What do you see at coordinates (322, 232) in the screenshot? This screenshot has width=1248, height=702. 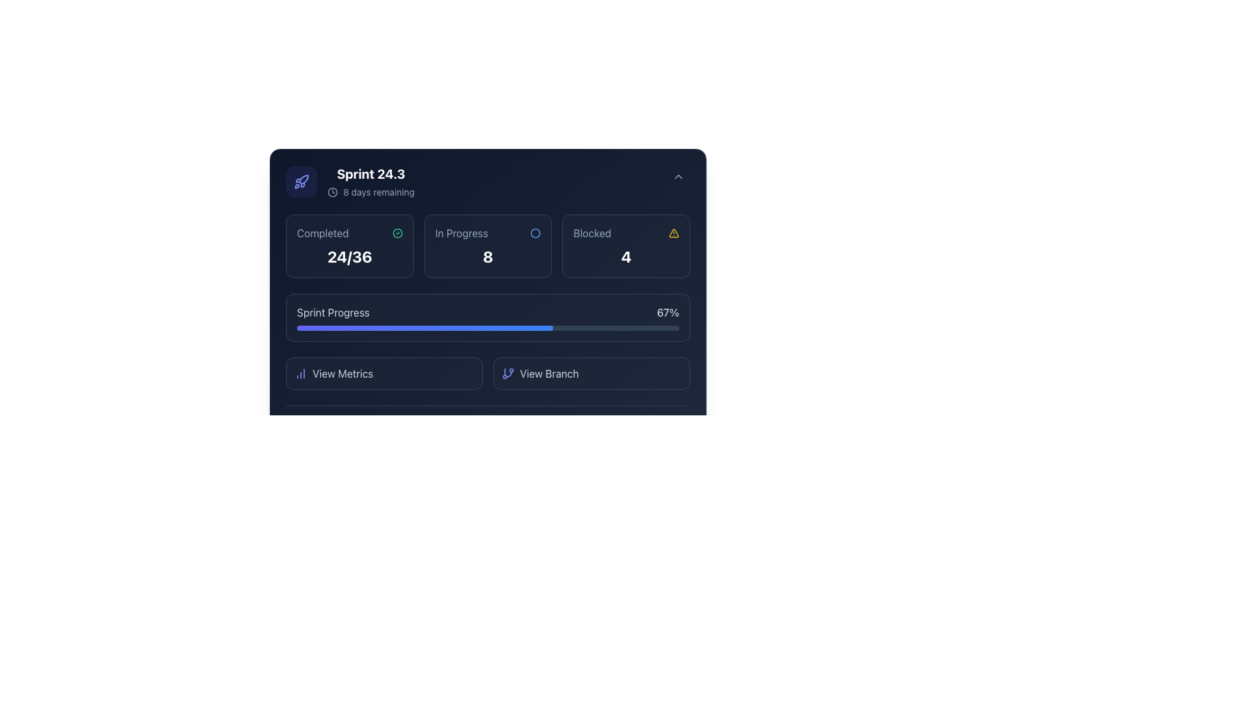 I see `the 'Completed' text label, which indicates the status category for the data presented below it on the stat card in the dashboard layout` at bounding box center [322, 232].